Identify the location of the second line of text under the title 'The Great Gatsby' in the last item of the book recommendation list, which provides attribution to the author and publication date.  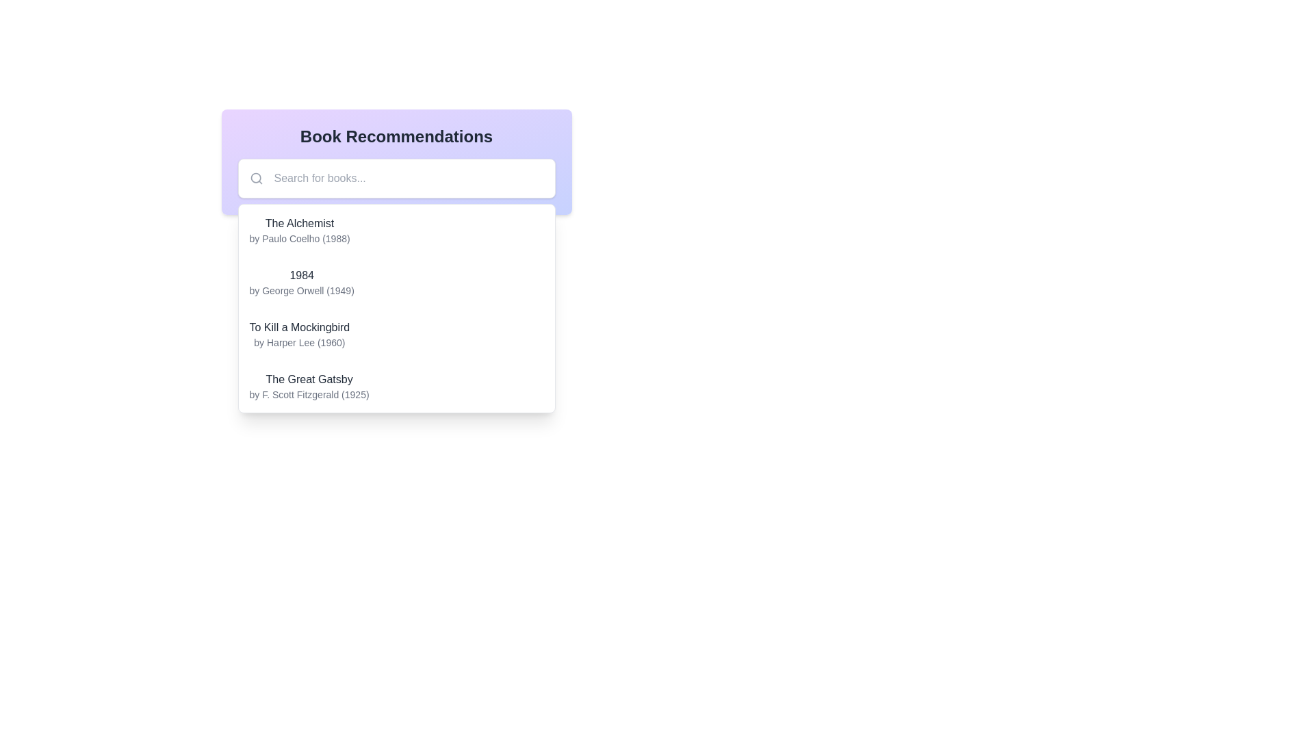
(308, 395).